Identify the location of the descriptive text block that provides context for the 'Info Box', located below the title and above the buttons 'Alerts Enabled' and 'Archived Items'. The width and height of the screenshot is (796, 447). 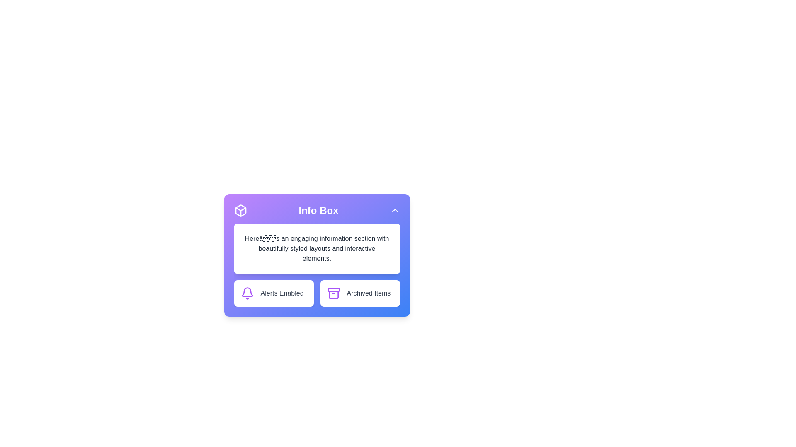
(316, 248).